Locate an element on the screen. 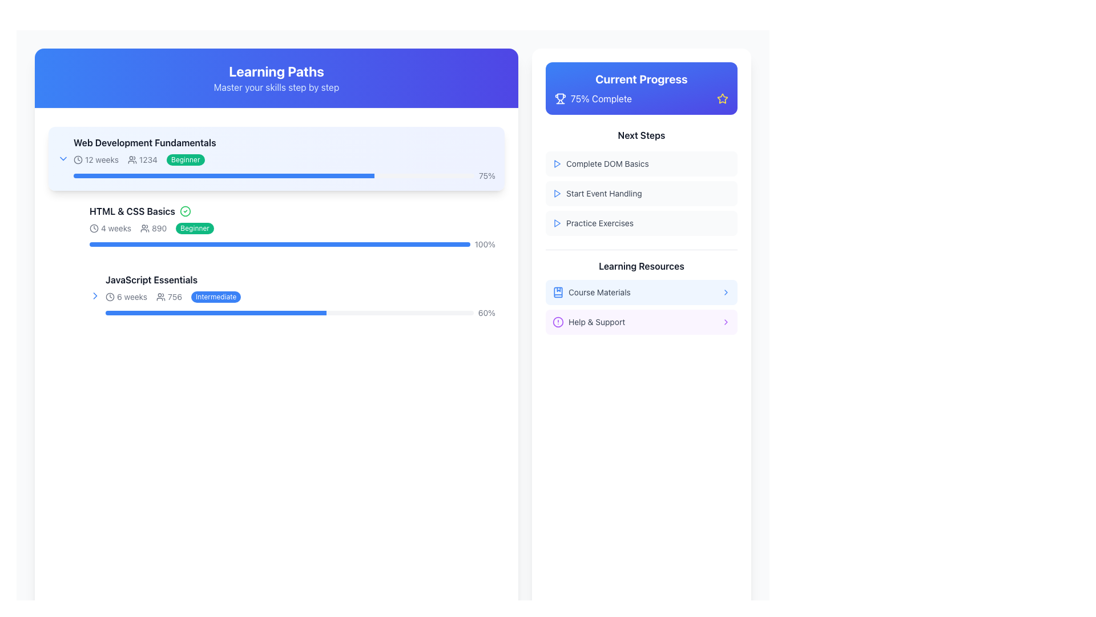 Image resolution: width=1096 pixels, height=617 pixels. the Interactive Content Section for the HTML & CSS Basics course, which is located in the middle of the learning paths module, between the Web Development Fundamentals and JavaScript Essentials sections is located at coordinates (276, 227).